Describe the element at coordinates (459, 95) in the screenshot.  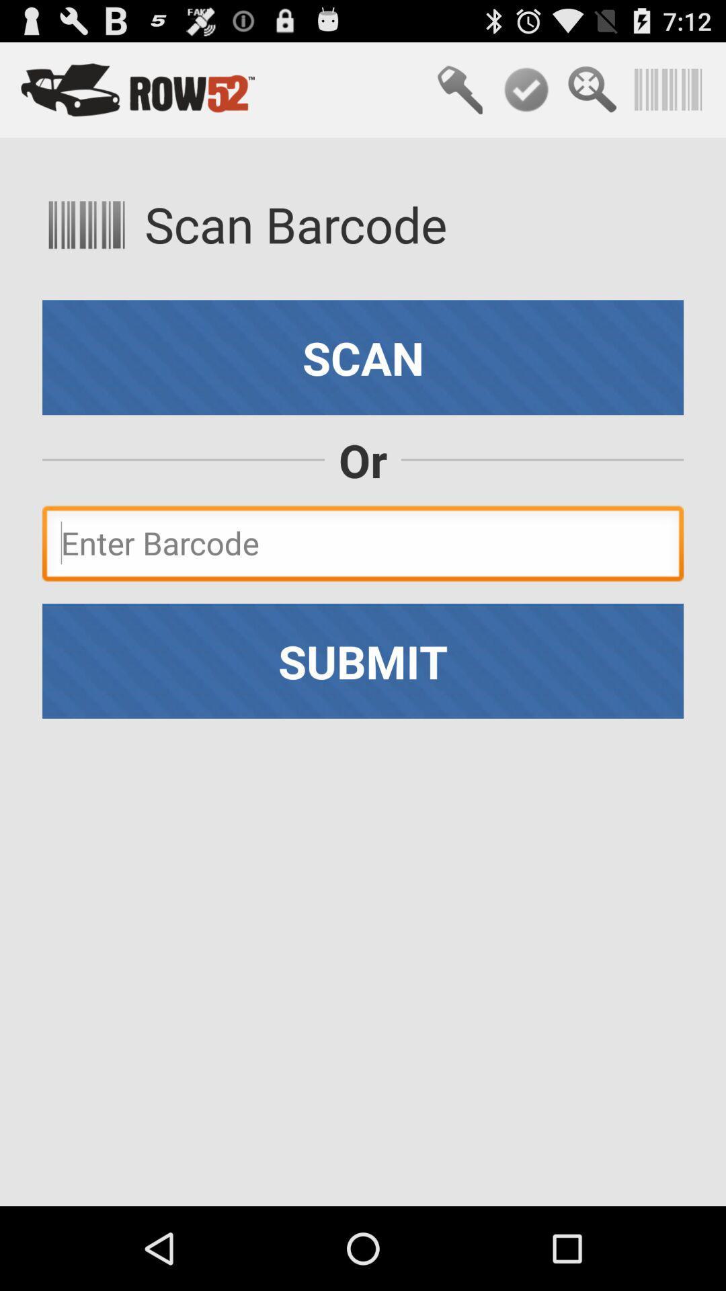
I see `the search icon` at that location.